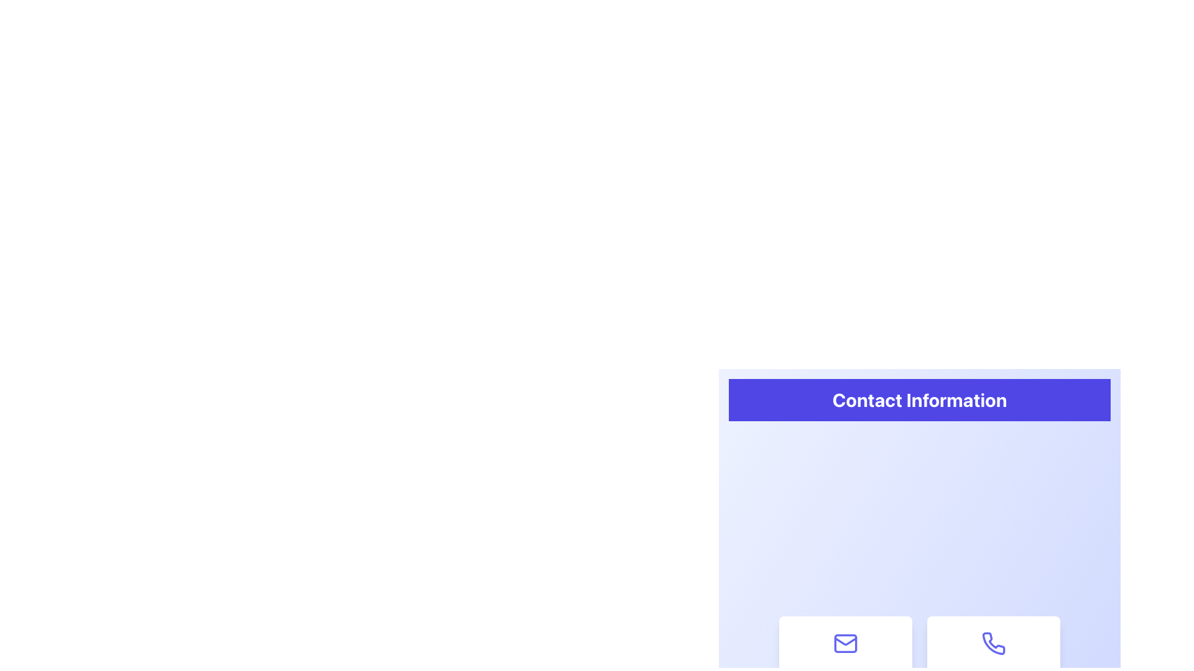 This screenshot has height=671, width=1194. I want to click on the purple phone receiver icon located in the 'Contact Information' section, so click(993, 643).